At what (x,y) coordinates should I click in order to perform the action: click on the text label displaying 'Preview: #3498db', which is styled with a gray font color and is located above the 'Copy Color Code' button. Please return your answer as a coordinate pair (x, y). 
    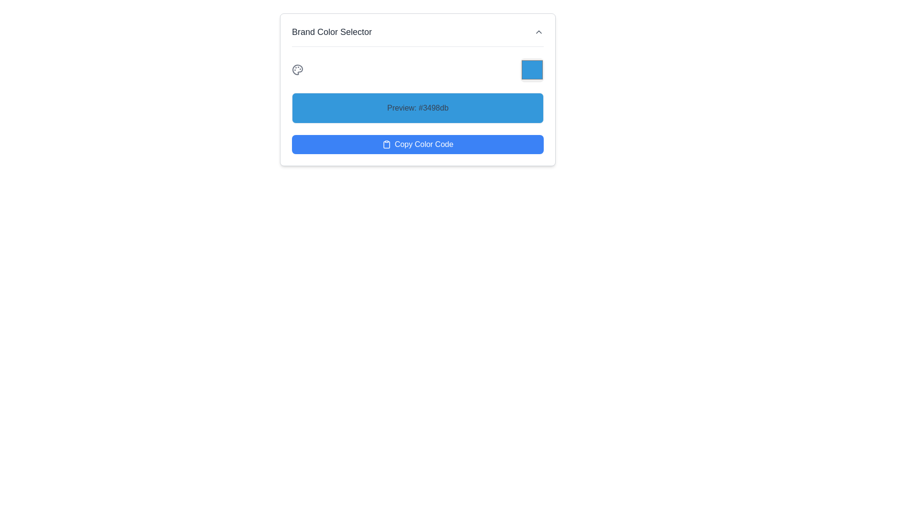
    Looking at the image, I should click on (418, 108).